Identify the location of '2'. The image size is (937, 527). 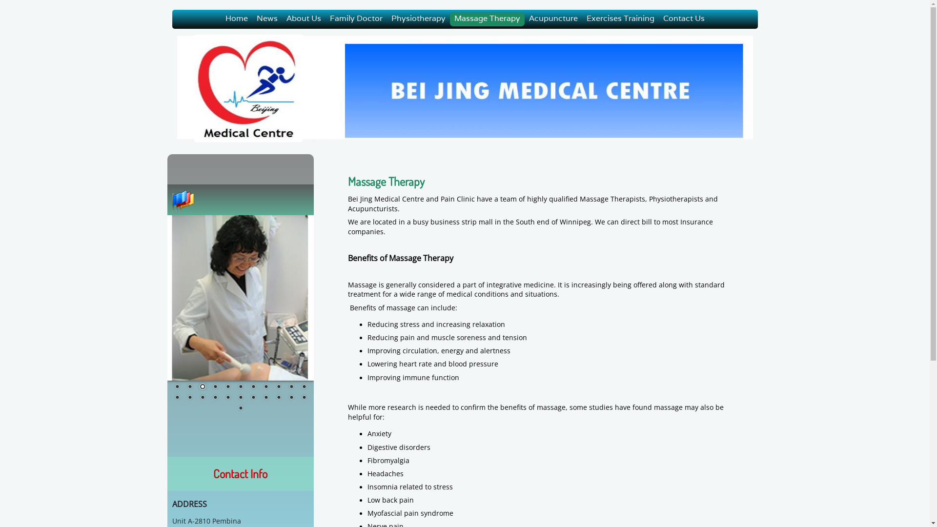
(189, 387).